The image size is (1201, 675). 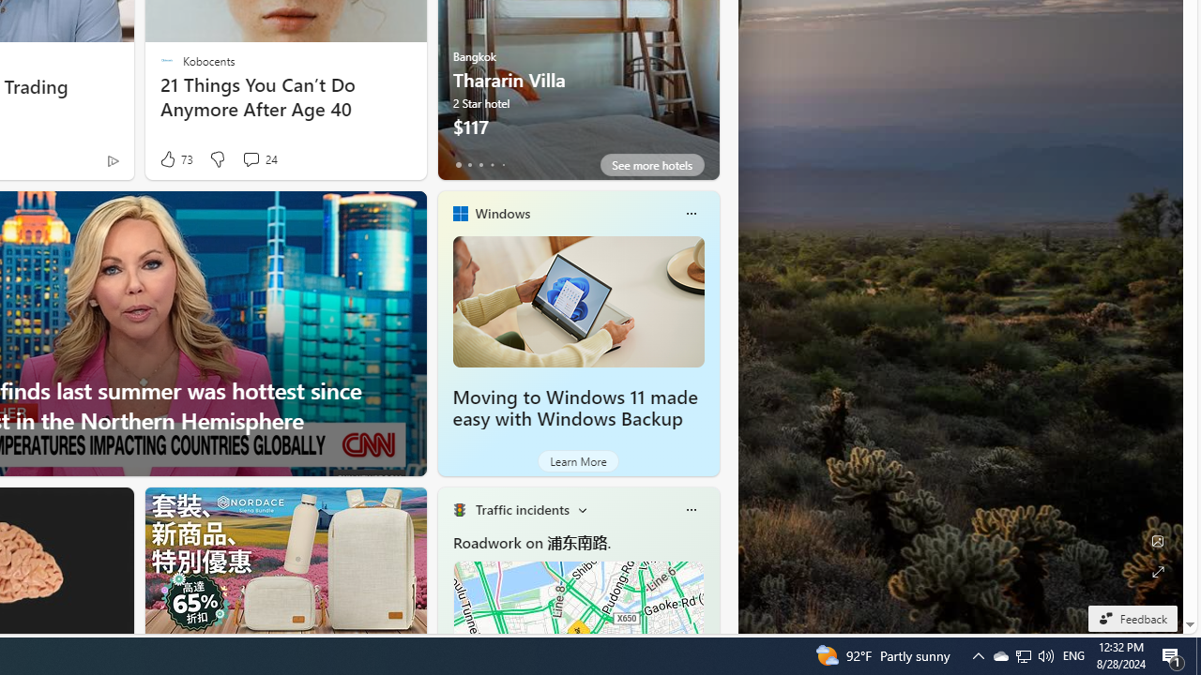 I want to click on 'Windows', so click(x=502, y=212).